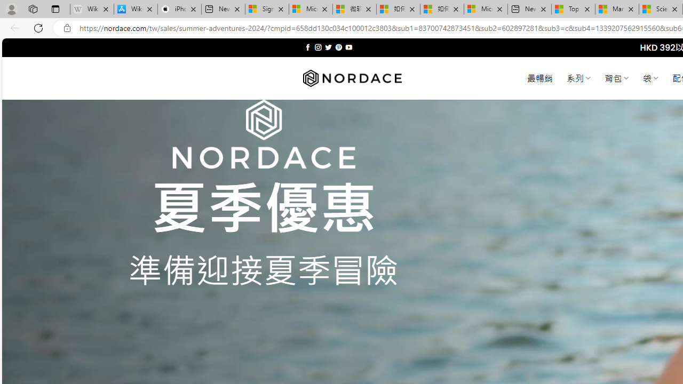 The height and width of the screenshot is (384, 683). What do you see at coordinates (328, 47) in the screenshot?
I see `'Follow on Twitter'` at bounding box center [328, 47].